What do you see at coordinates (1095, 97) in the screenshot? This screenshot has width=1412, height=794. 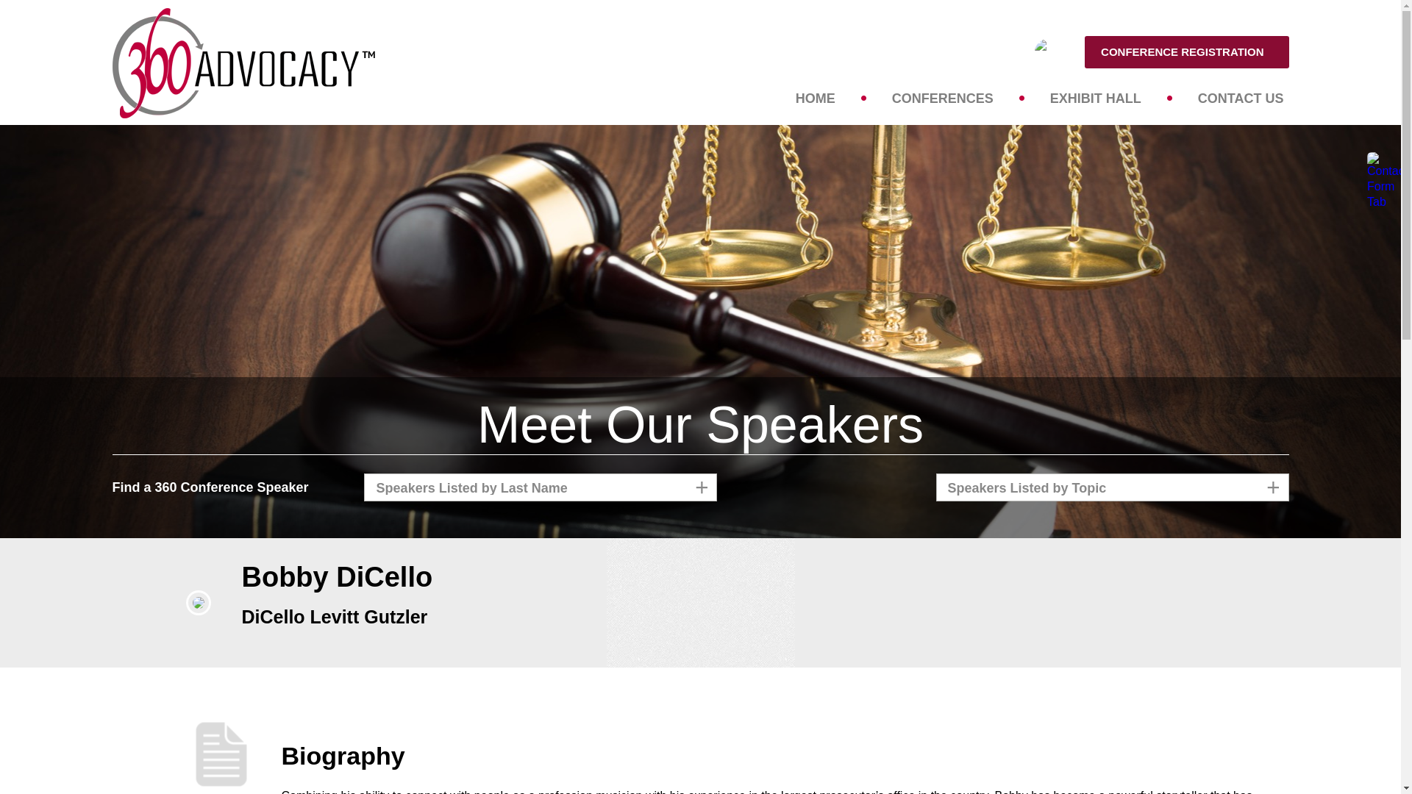 I see `'EXHIBIT HALL'` at bounding box center [1095, 97].